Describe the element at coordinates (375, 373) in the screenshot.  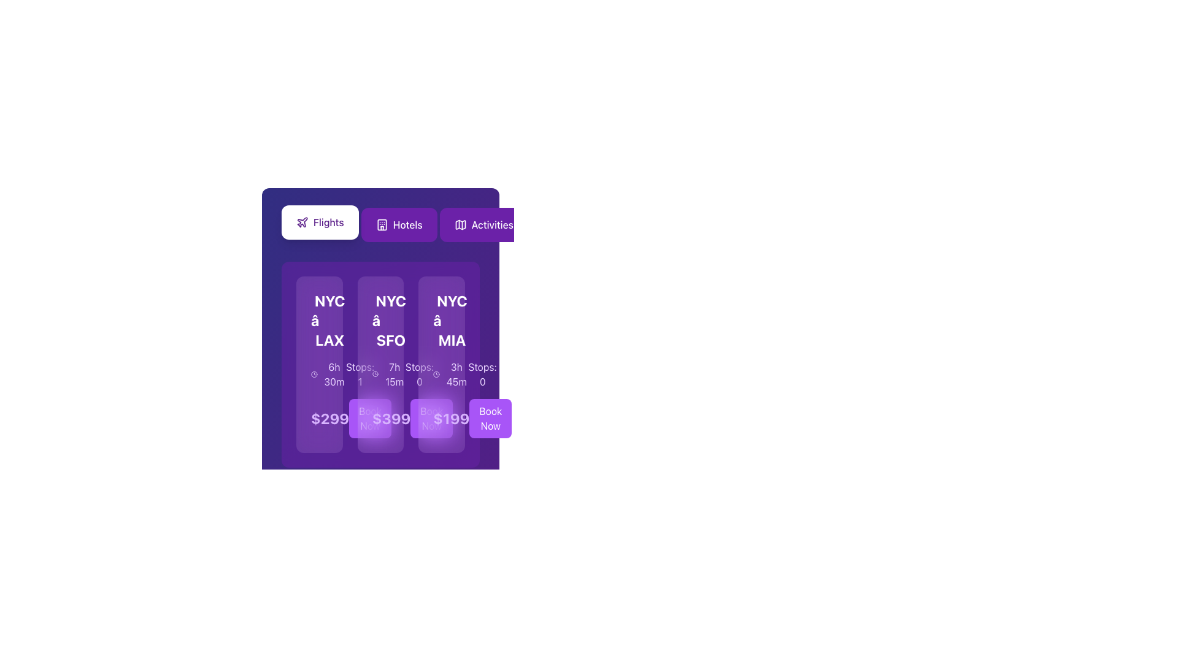
I see `the circular purple clock icon located in the second column of the flight options display, positioned above the 'Stops:' label for the NYC to SFO route` at that location.